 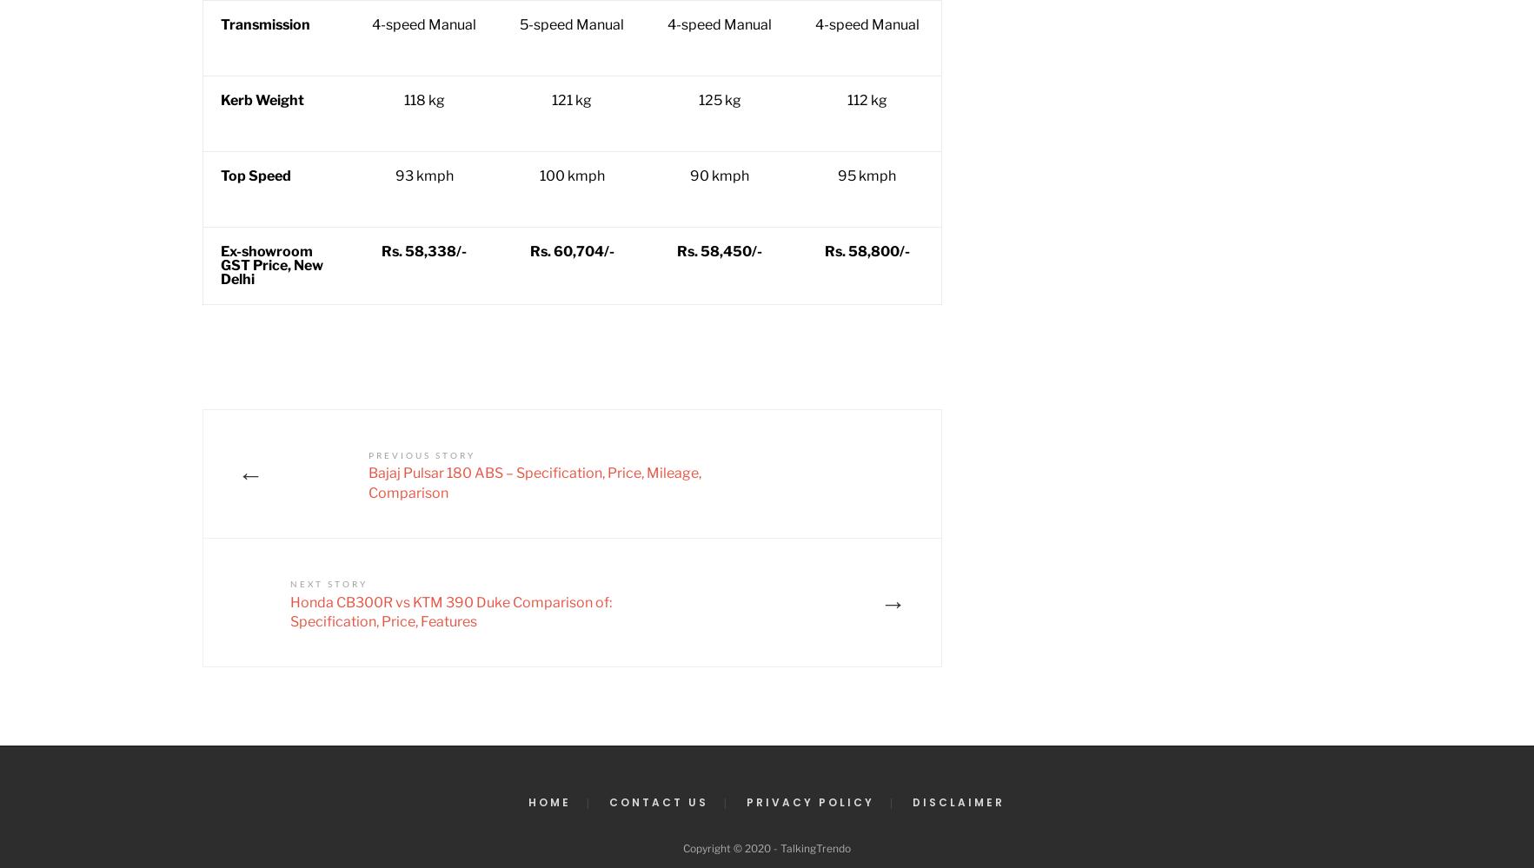 I want to click on 'Honda CB300R vs KTM 390 Duke Comparison of: Specification, Price, Features', so click(x=449, y=611).